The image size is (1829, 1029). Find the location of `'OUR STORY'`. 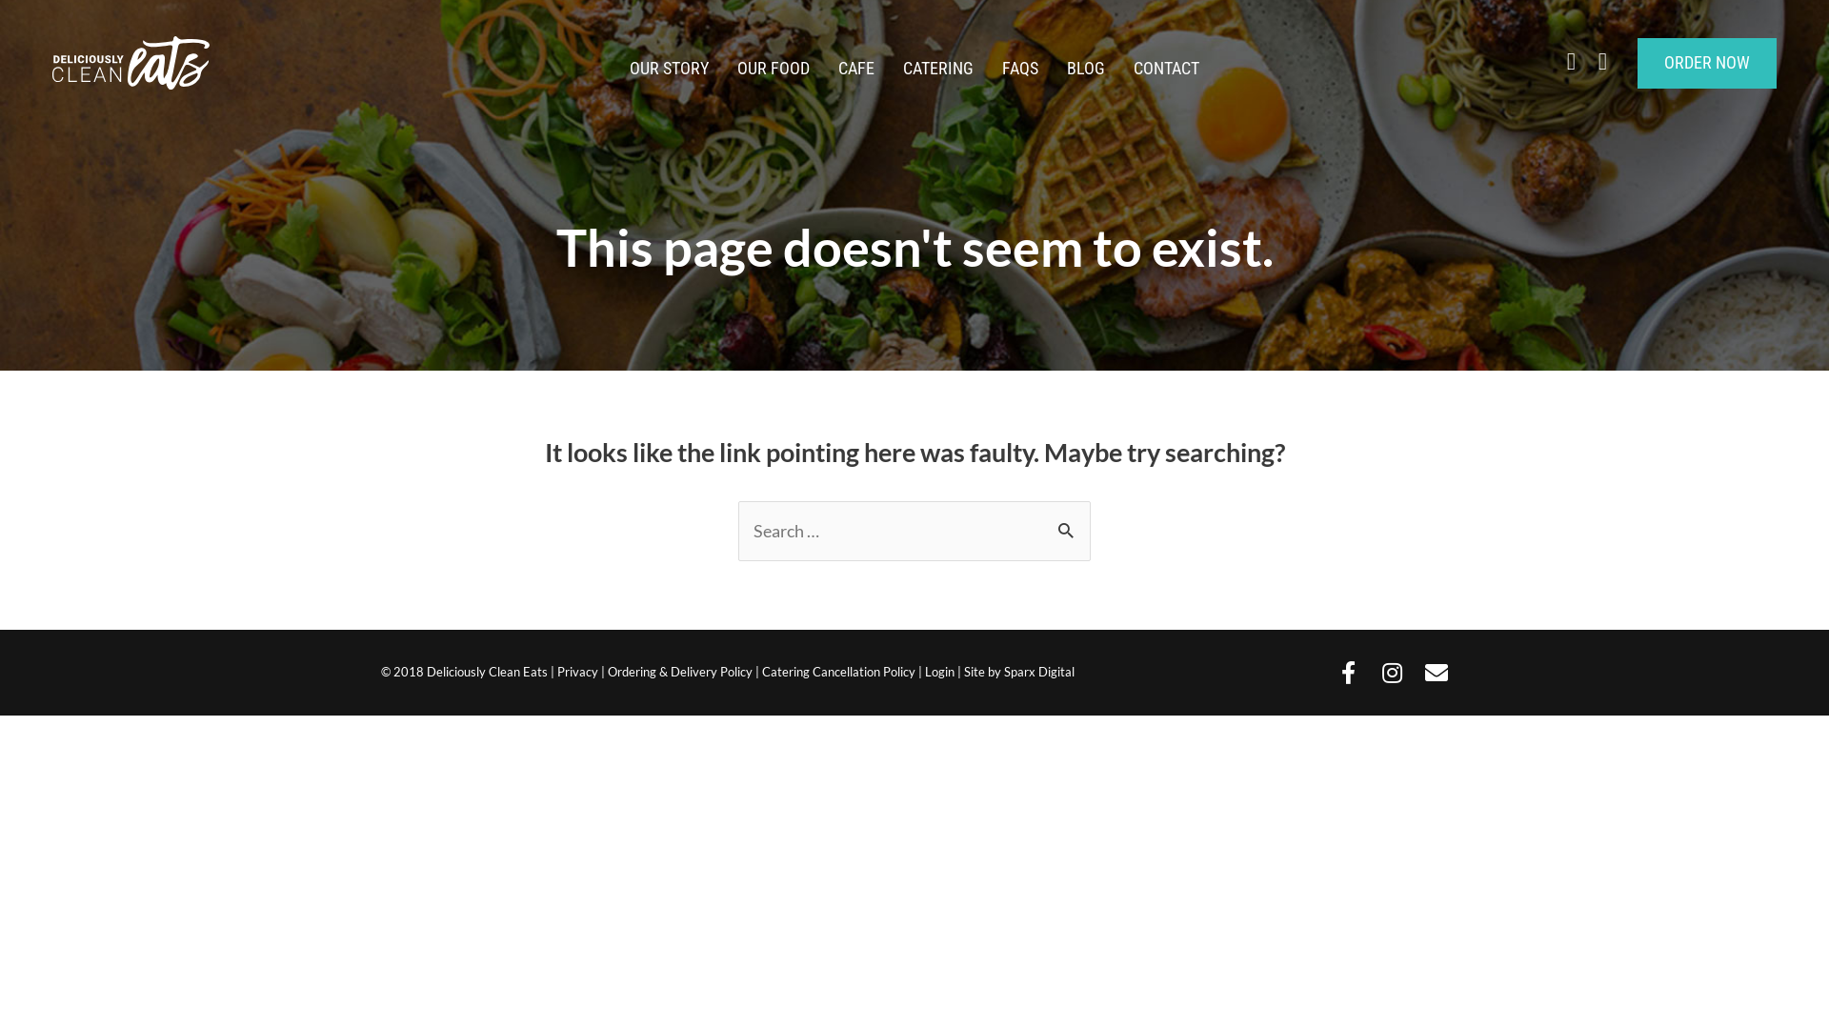

'OUR STORY' is located at coordinates (615, 68).